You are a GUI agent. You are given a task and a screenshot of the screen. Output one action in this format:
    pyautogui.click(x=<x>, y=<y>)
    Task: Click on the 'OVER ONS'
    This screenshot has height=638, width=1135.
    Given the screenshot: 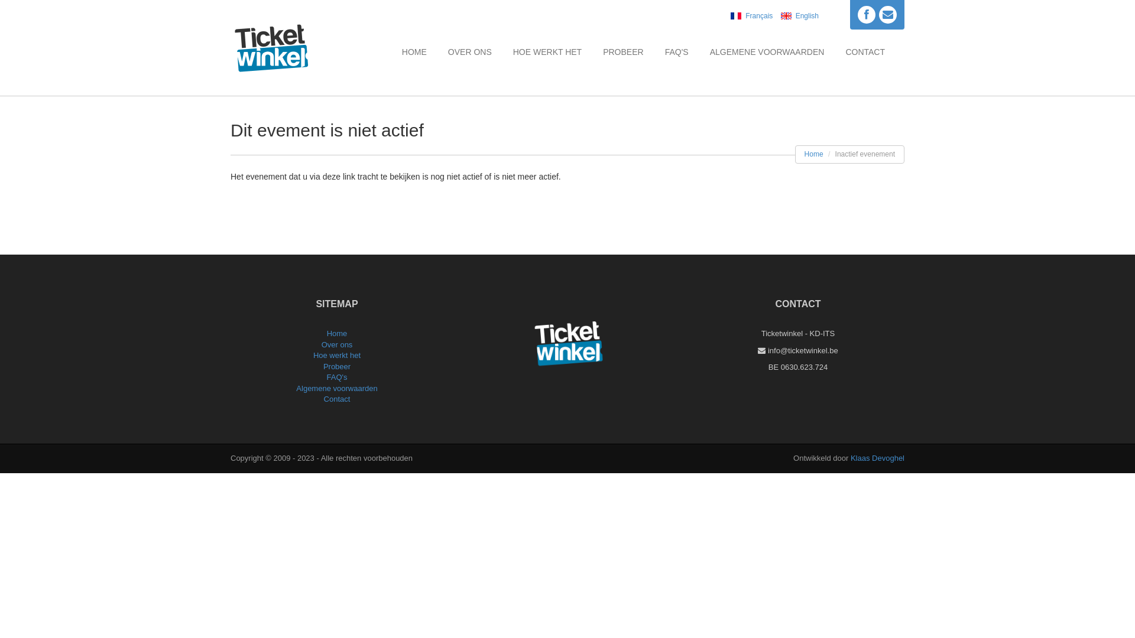 What is the action you would take?
    pyautogui.click(x=469, y=51)
    